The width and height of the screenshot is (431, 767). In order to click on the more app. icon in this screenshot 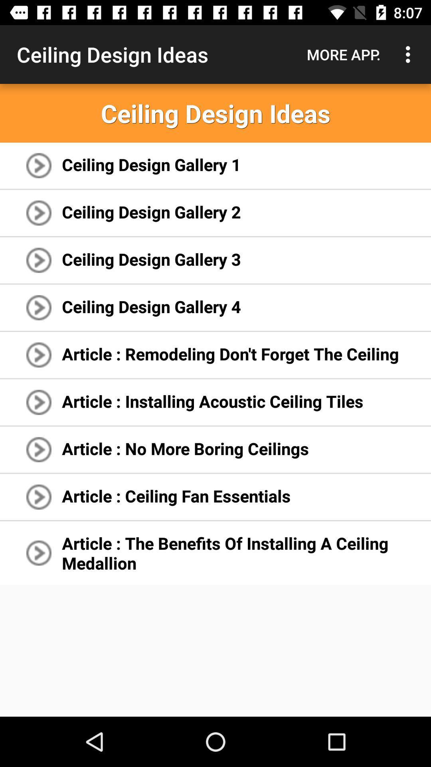, I will do `click(343, 54)`.